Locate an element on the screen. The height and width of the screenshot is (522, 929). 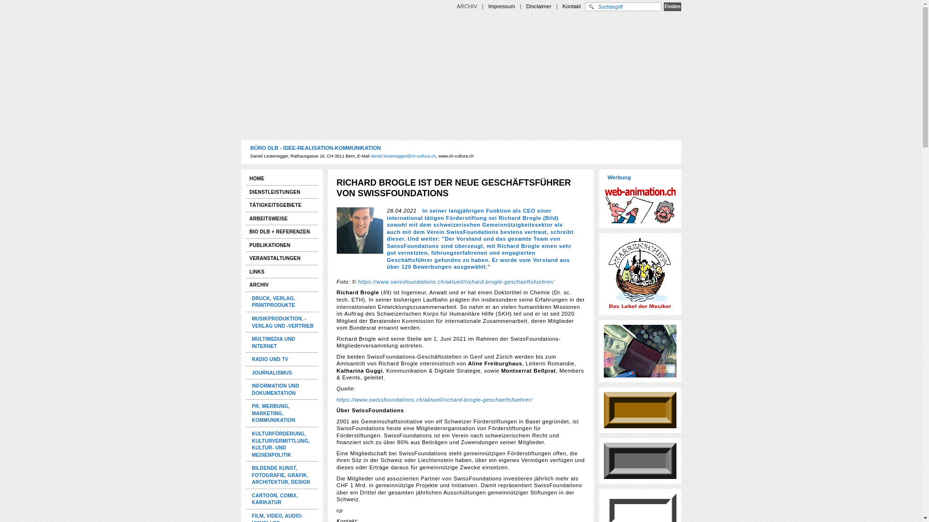
'daniel.leutenegger@ch-cultura.ch' is located at coordinates (370, 156).